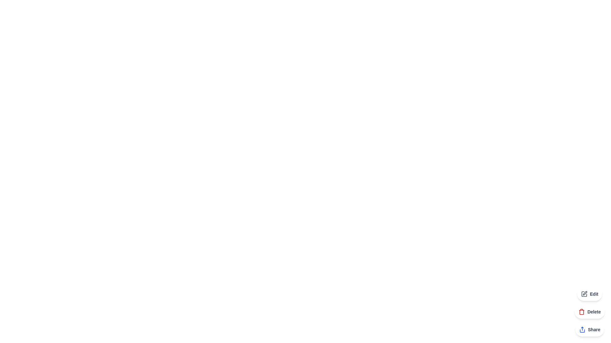  I want to click on the share icon located in the rounded button group at the bottom-right corner of the interface, so click(582, 329).